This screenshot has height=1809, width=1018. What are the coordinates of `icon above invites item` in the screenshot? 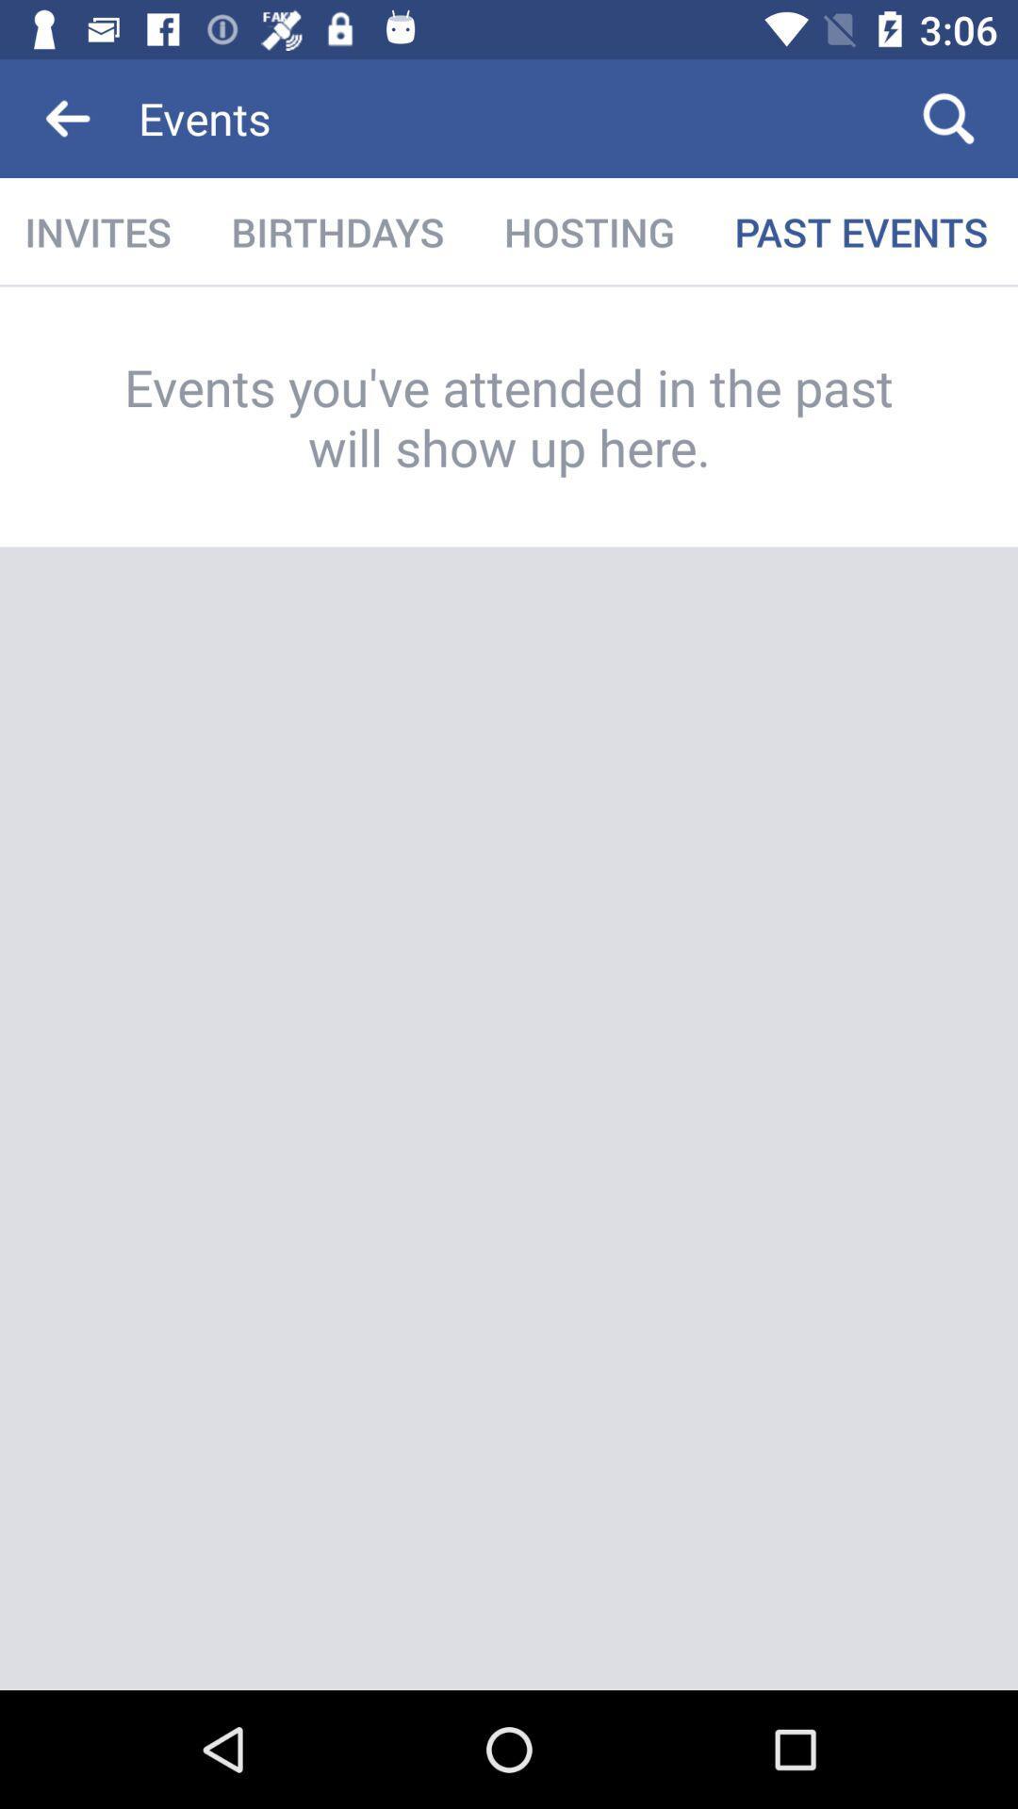 It's located at (68, 117).